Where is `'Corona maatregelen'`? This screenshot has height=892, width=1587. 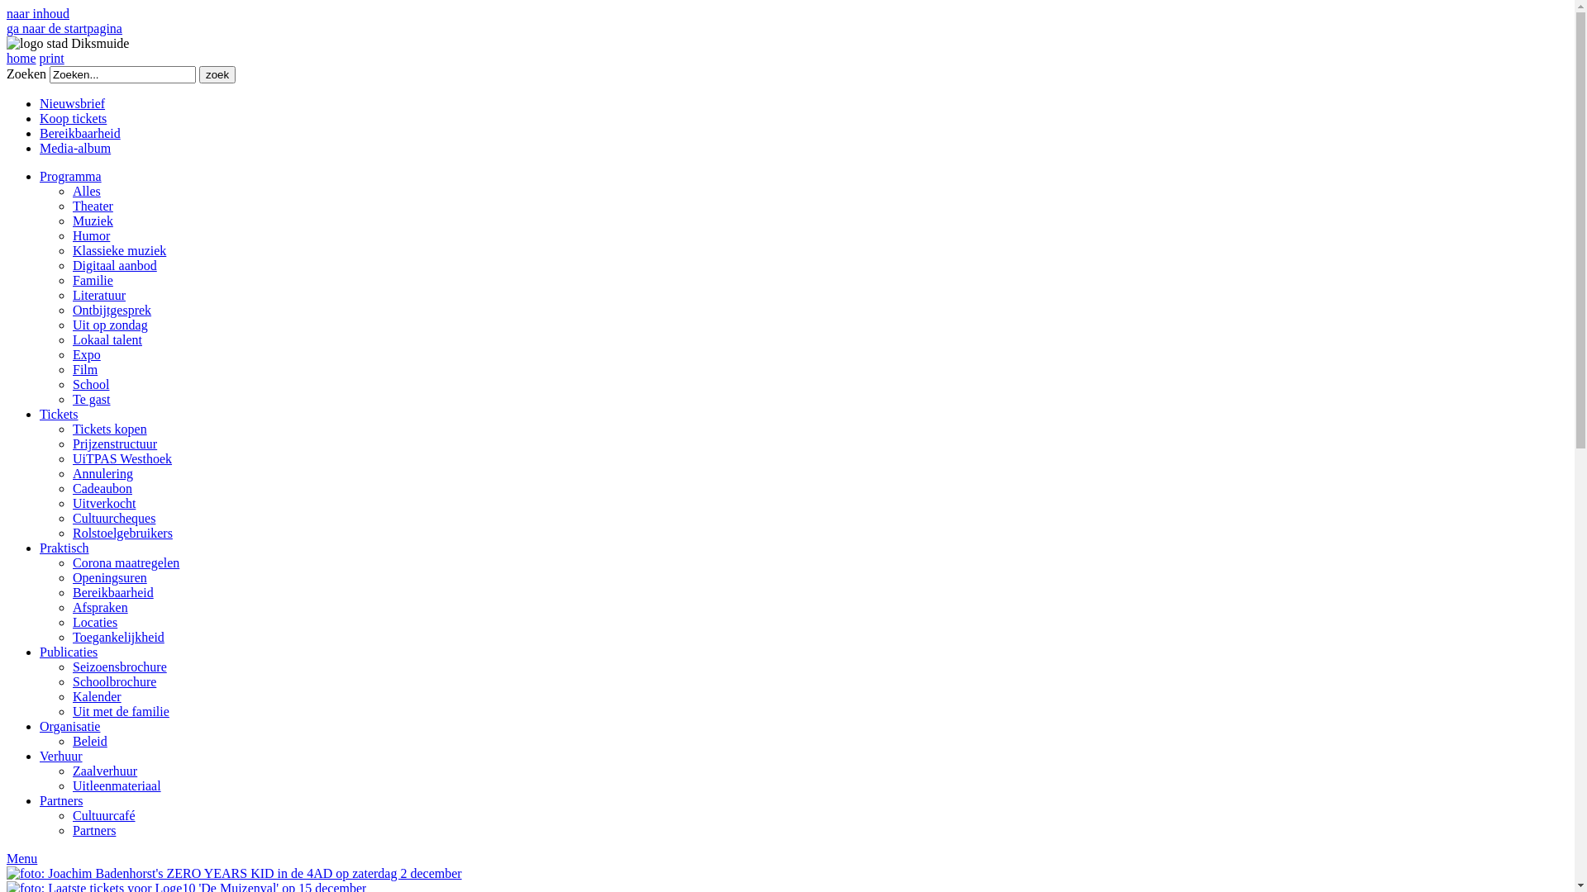 'Corona maatregelen' is located at coordinates (125, 562).